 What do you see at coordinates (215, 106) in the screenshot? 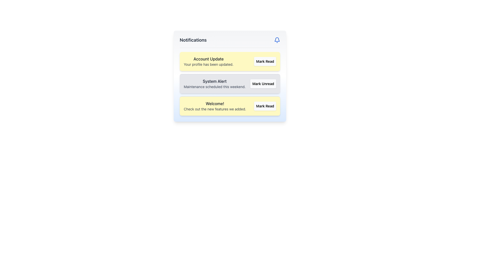
I see `the 'Welcome!' text display element, which is part of the third notification block and features bold text on a yellow background` at bounding box center [215, 106].